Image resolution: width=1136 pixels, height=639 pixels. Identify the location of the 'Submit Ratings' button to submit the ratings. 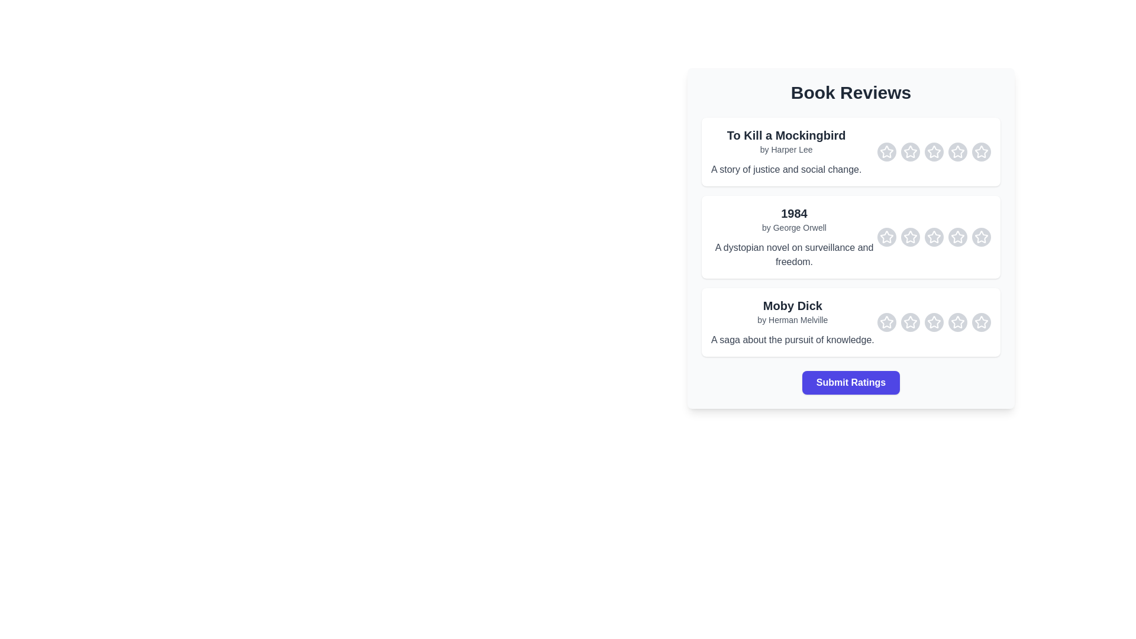
(850, 383).